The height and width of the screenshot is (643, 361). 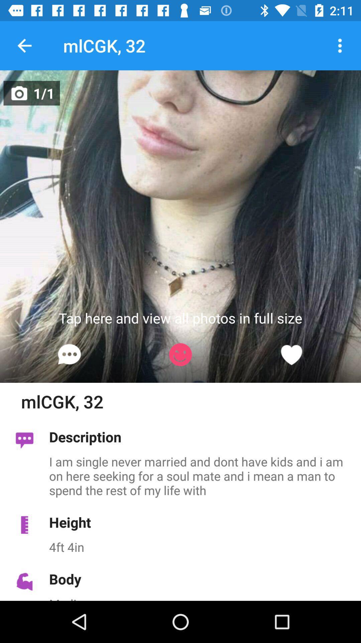 I want to click on the item at the top right corner, so click(x=340, y=45).